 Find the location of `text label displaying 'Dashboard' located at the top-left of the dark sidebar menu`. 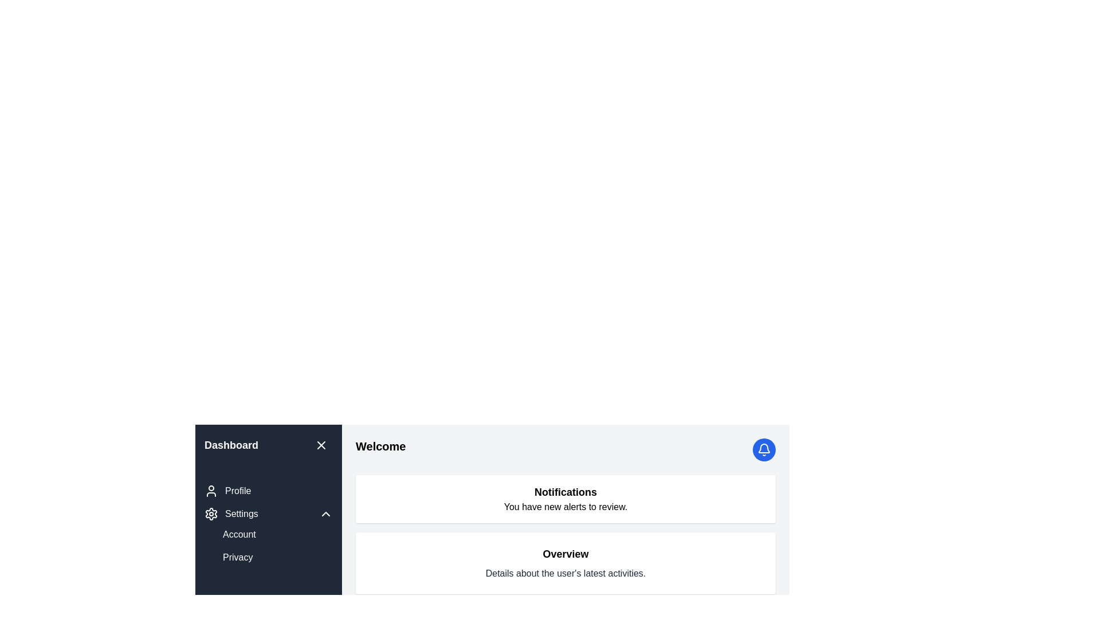

text label displaying 'Dashboard' located at the top-left of the dark sidebar menu is located at coordinates (230, 444).